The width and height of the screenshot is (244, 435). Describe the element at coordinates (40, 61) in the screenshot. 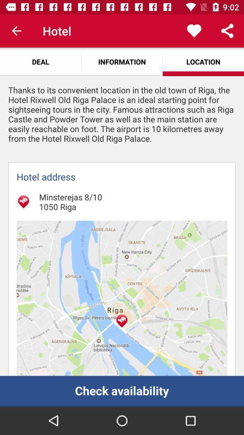

I see `the deal app` at that location.